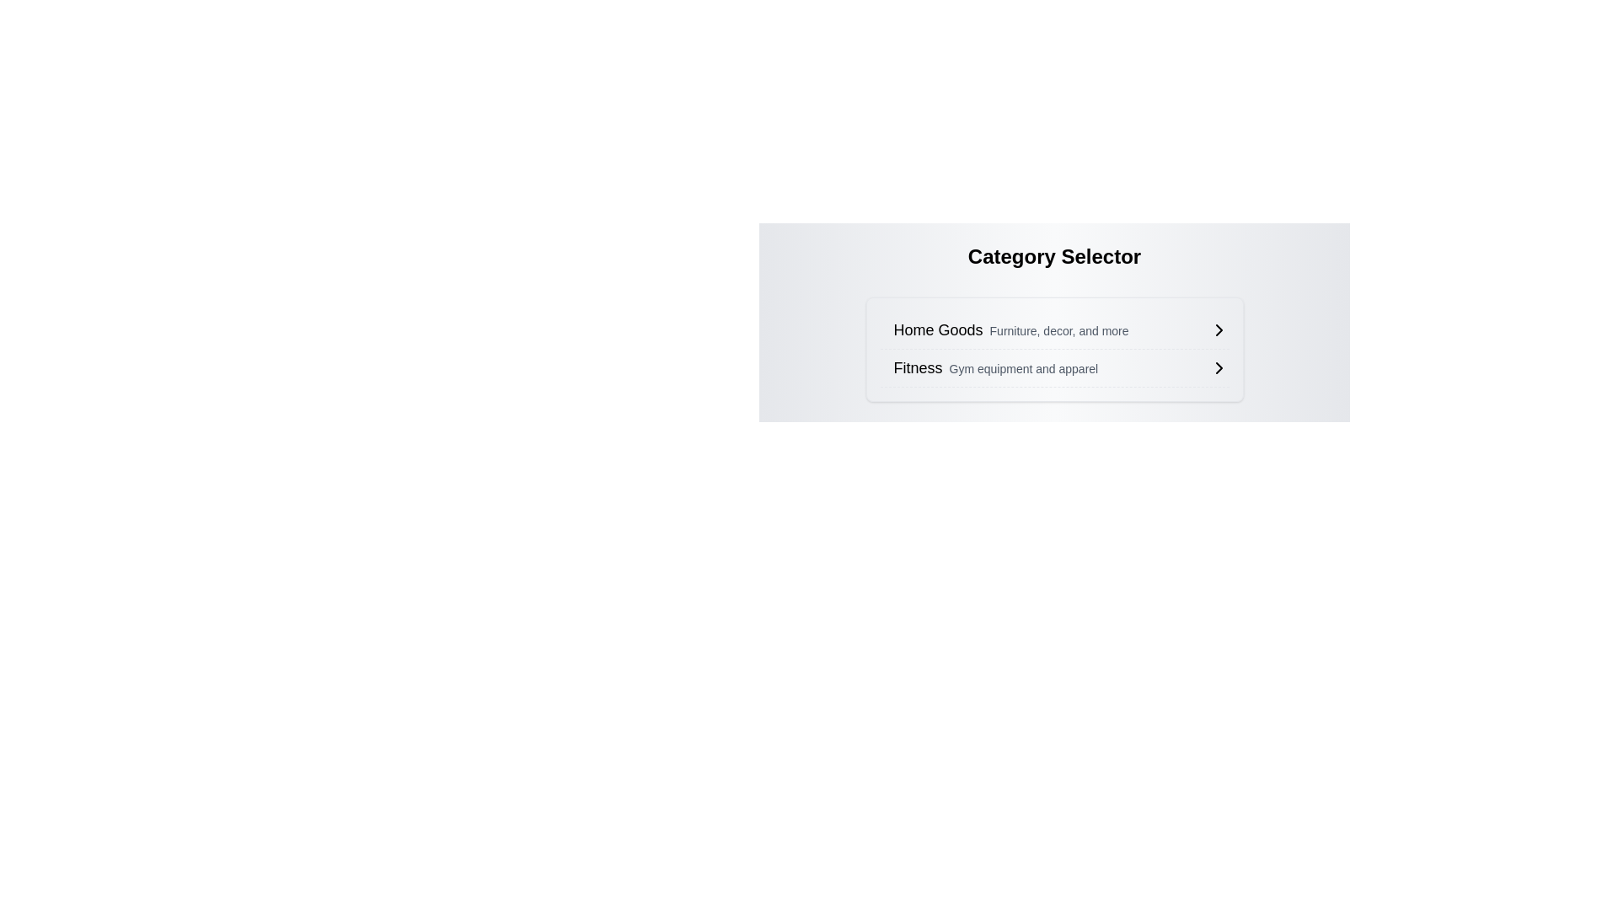  Describe the element at coordinates (1219, 330) in the screenshot. I see `the right-pointing chevron icon located to the far right of the text 'Home Goods Furniture, decor, and more'` at that location.